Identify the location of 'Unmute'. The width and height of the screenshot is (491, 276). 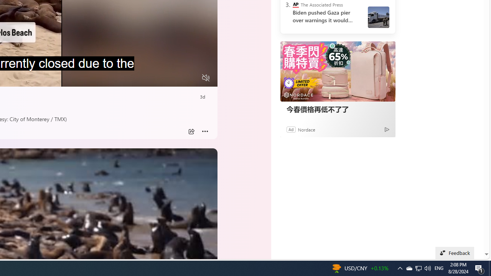
(206, 78).